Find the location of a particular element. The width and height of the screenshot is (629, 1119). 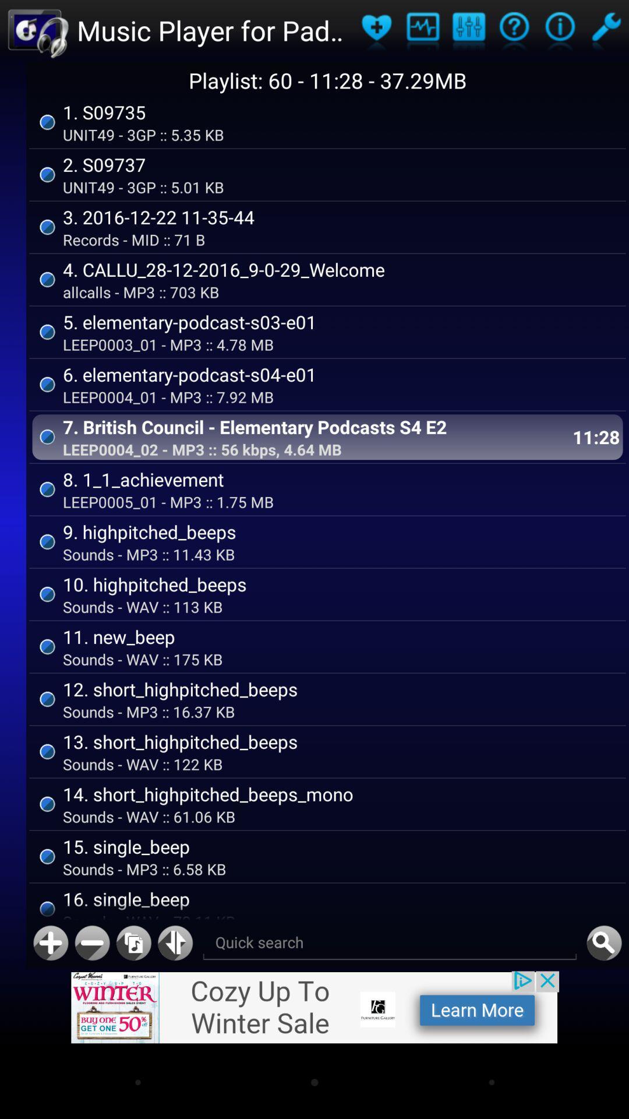

the minus icon is located at coordinates (91, 1008).